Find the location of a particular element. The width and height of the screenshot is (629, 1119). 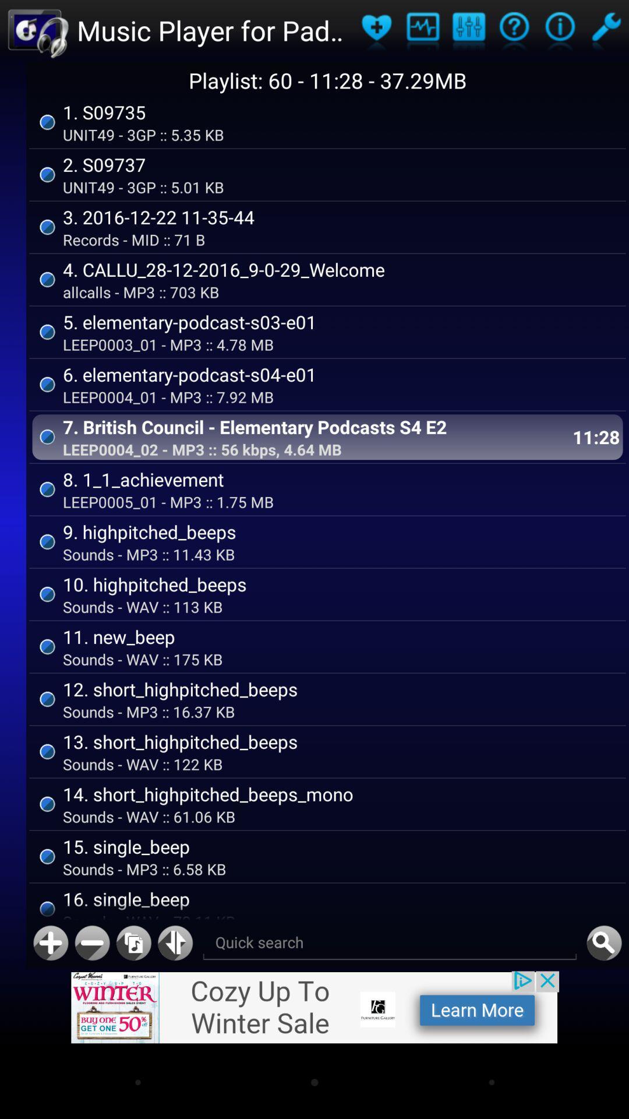

the minus icon is located at coordinates (91, 1008).